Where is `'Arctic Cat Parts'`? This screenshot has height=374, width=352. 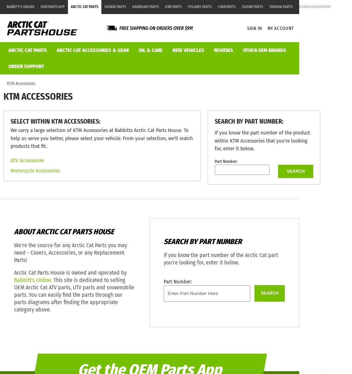
'Arctic Cat Parts' is located at coordinates (84, 6).